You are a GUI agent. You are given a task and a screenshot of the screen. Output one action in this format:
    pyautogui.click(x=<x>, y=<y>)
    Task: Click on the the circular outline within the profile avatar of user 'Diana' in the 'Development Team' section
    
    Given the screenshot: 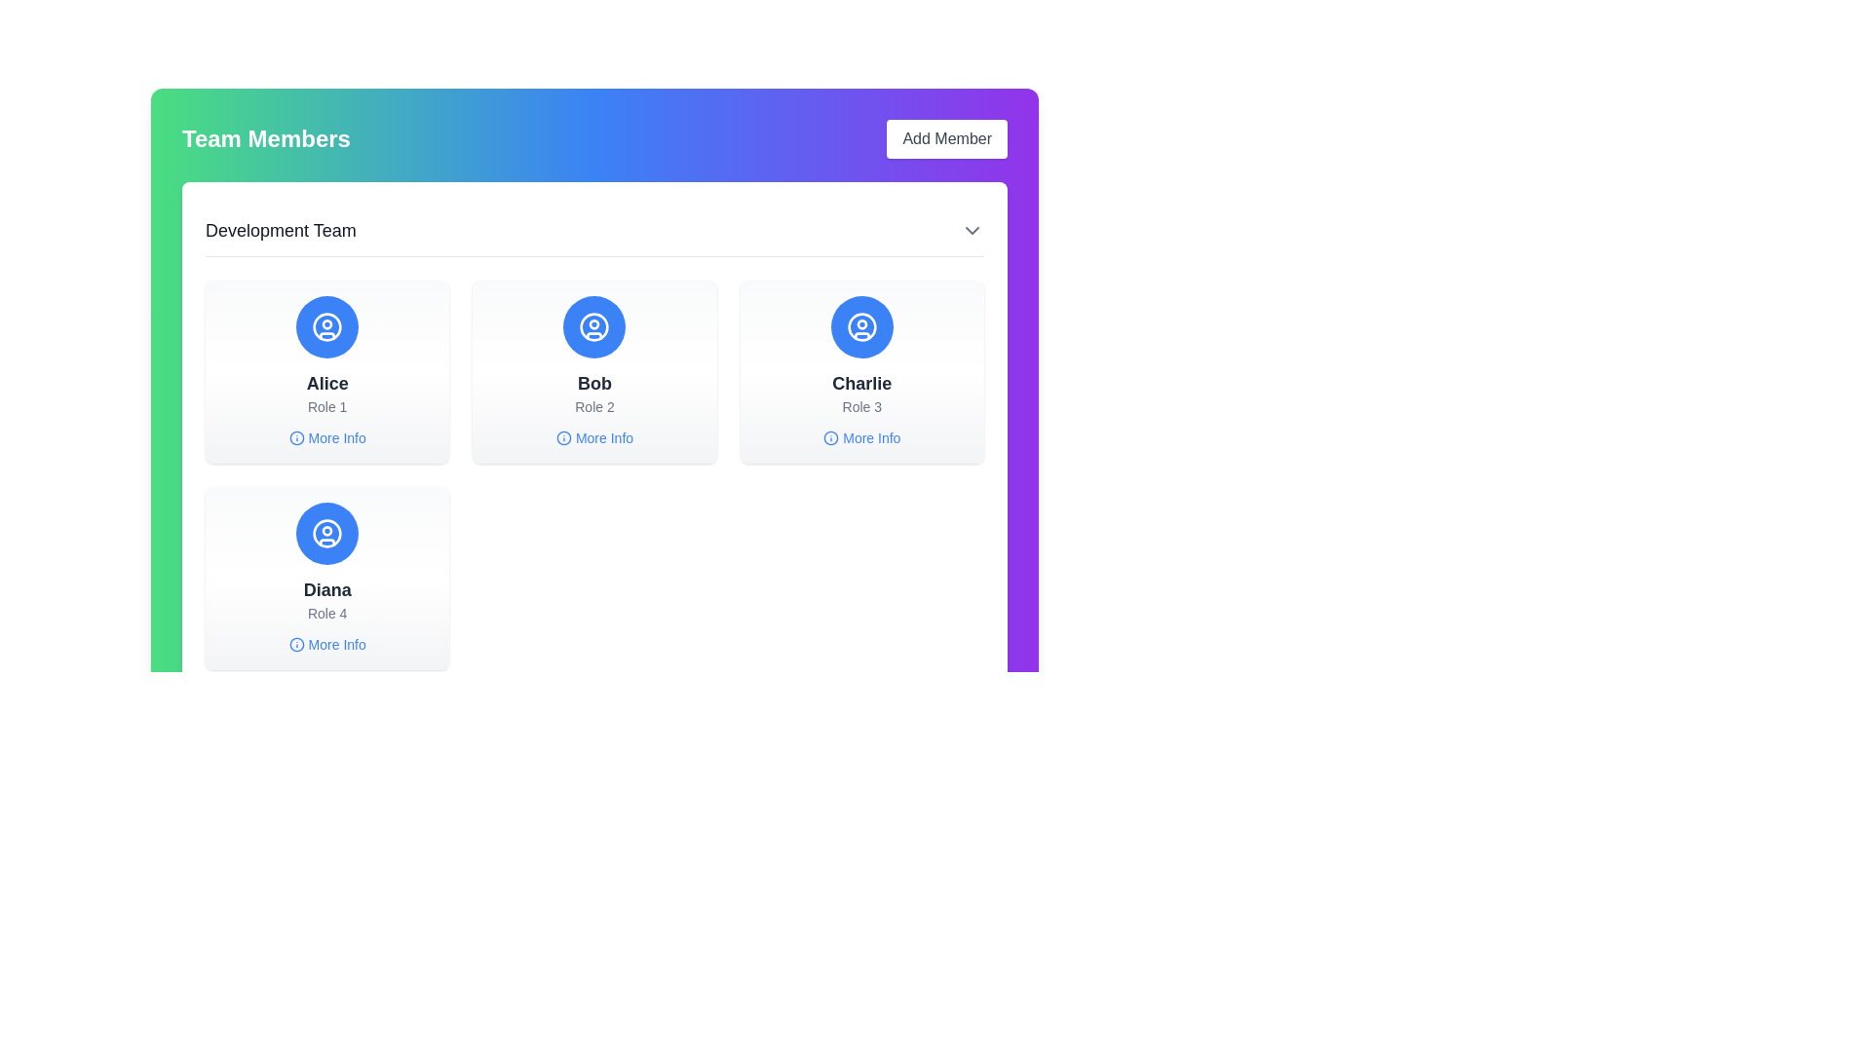 What is the action you would take?
    pyautogui.click(x=327, y=533)
    